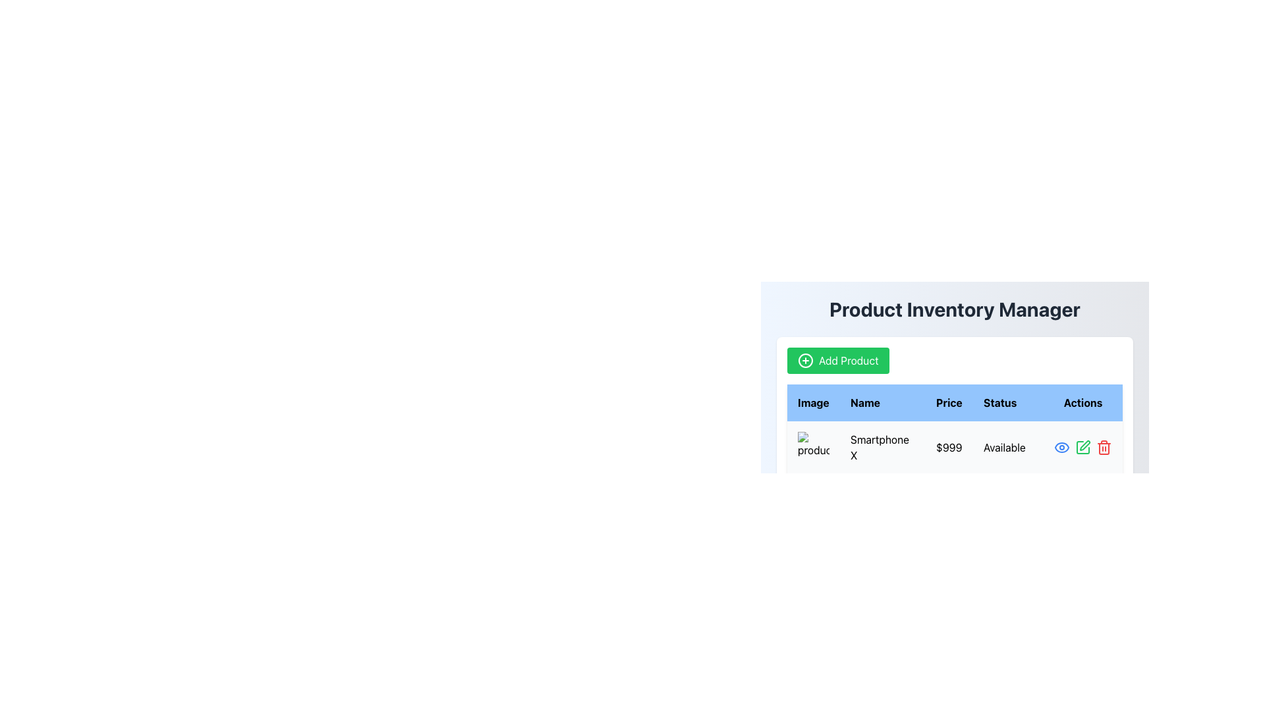 Image resolution: width=1265 pixels, height=711 pixels. Describe the element at coordinates (1082, 446) in the screenshot. I see `the green pencil icon in the 'Actions' column` at that location.